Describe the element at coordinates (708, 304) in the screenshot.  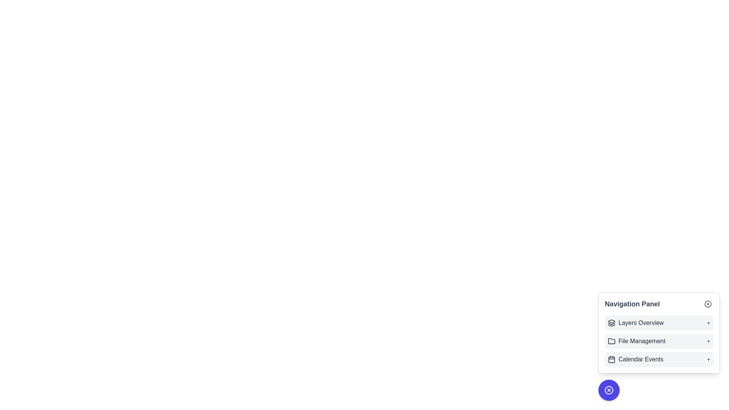
I see `the circular 'X' button located at the upper-right corner of the 'Navigation Panel'` at that location.